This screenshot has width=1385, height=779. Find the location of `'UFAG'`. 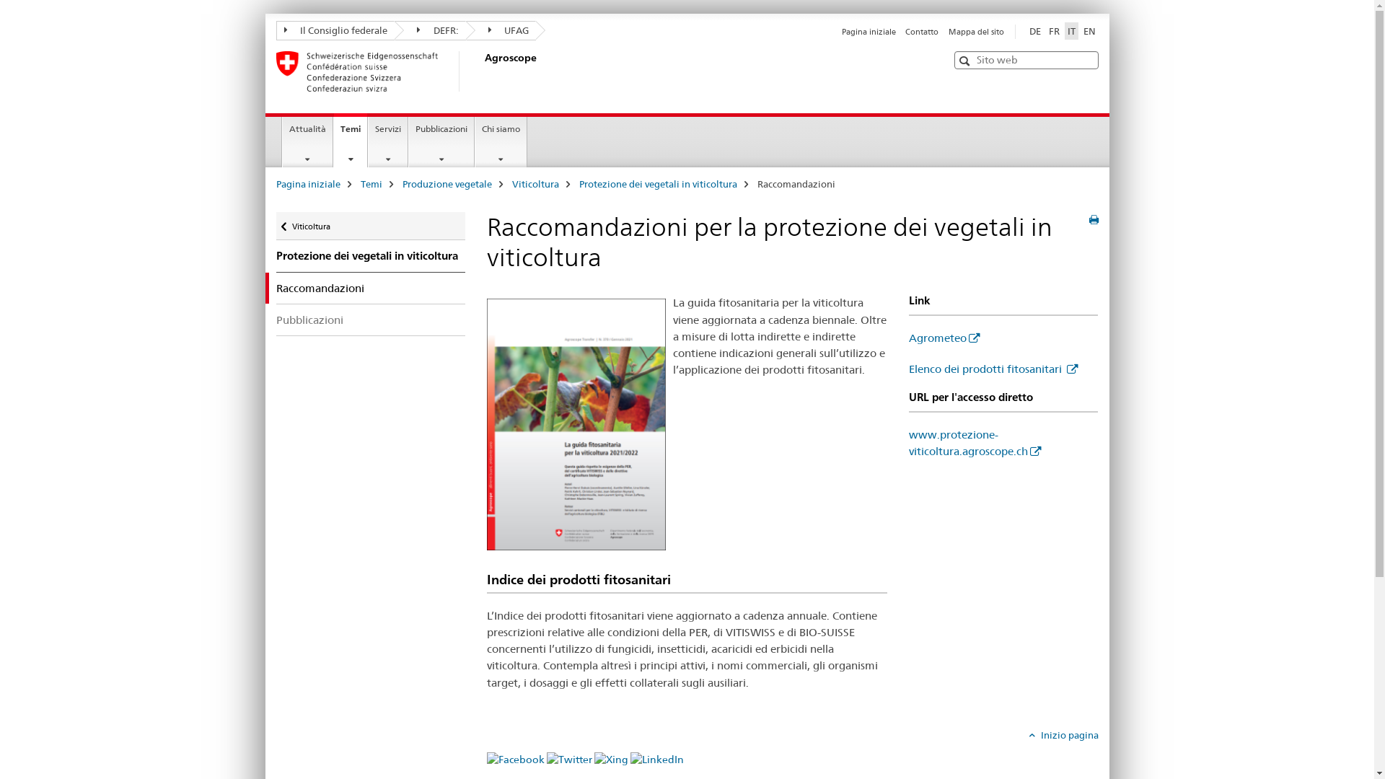

'UFAG' is located at coordinates (501, 30).